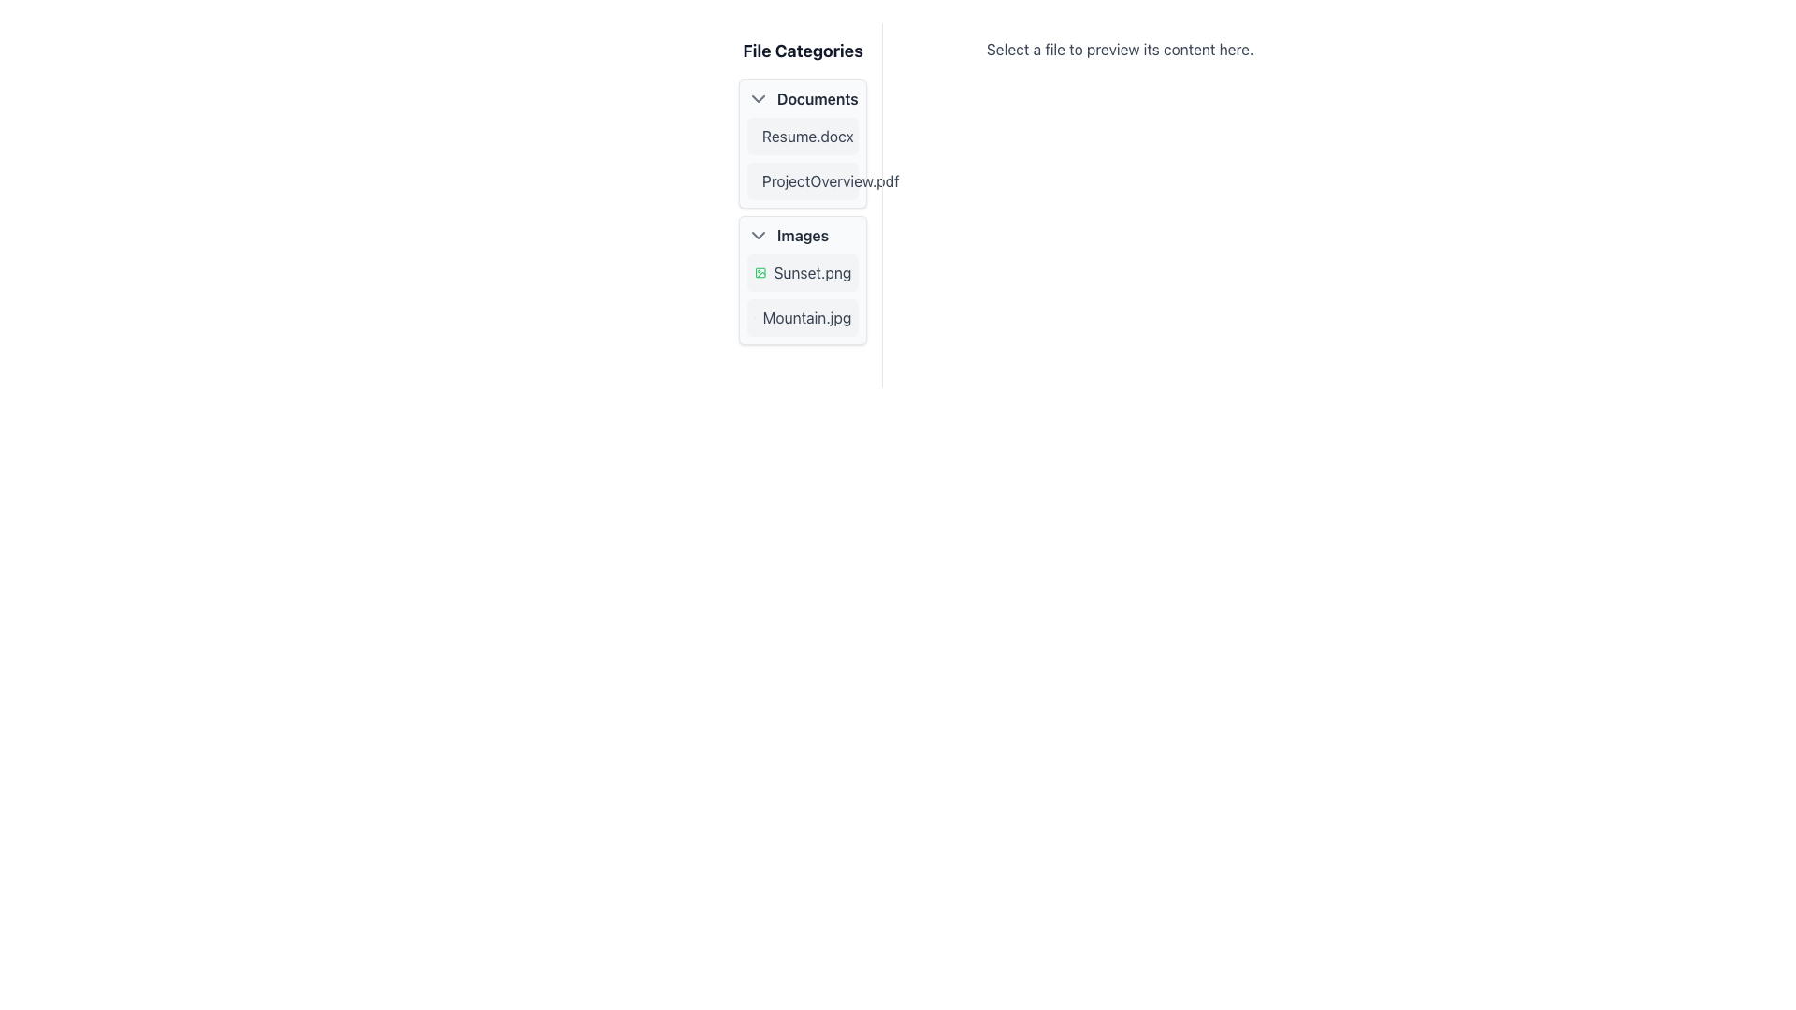 This screenshot has height=1010, width=1796. I want to click on the first selectable data entry in the 'Images' subsection under 'File Categories', which contains the text 'Sunset.png' and a small green image icon, so click(803, 281).